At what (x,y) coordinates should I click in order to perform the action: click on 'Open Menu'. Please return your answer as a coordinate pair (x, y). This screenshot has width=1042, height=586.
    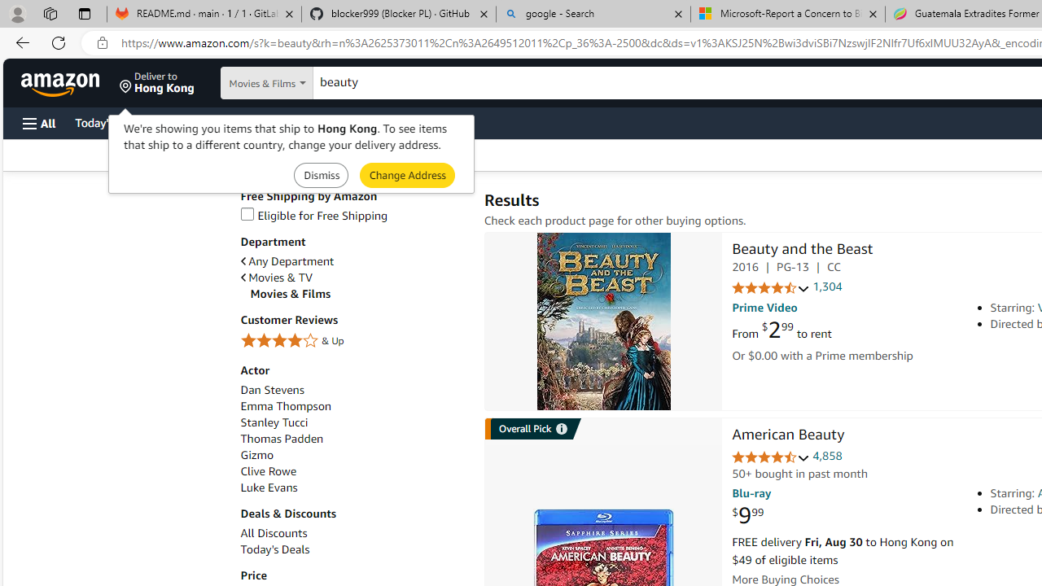
    Looking at the image, I should click on (39, 122).